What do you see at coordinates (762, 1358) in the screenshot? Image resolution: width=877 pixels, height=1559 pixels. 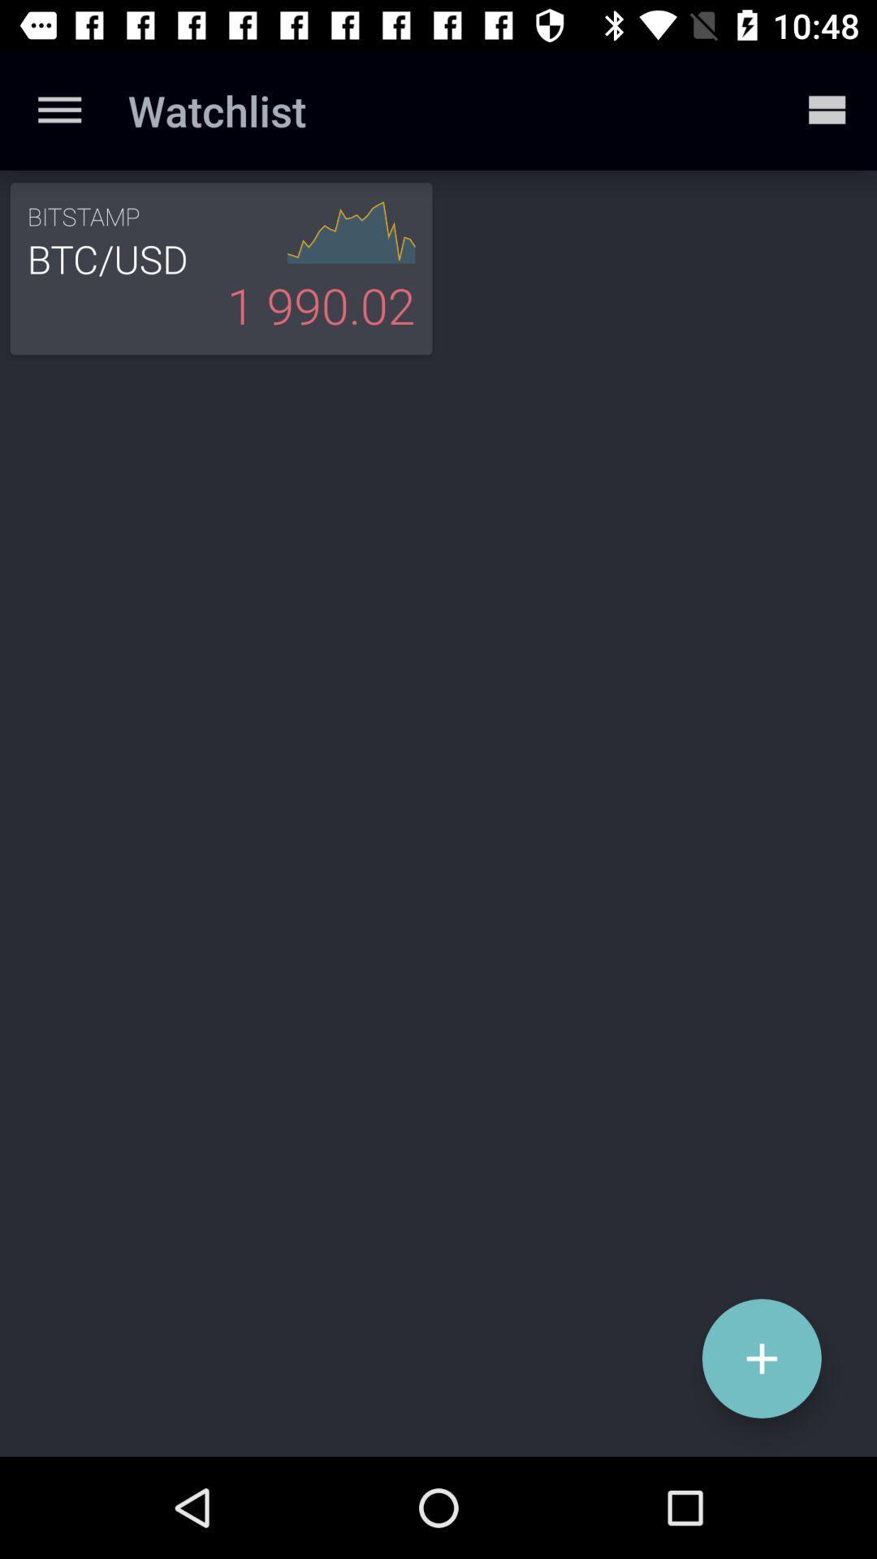 I see `the add icon` at bounding box center [762, 1358].